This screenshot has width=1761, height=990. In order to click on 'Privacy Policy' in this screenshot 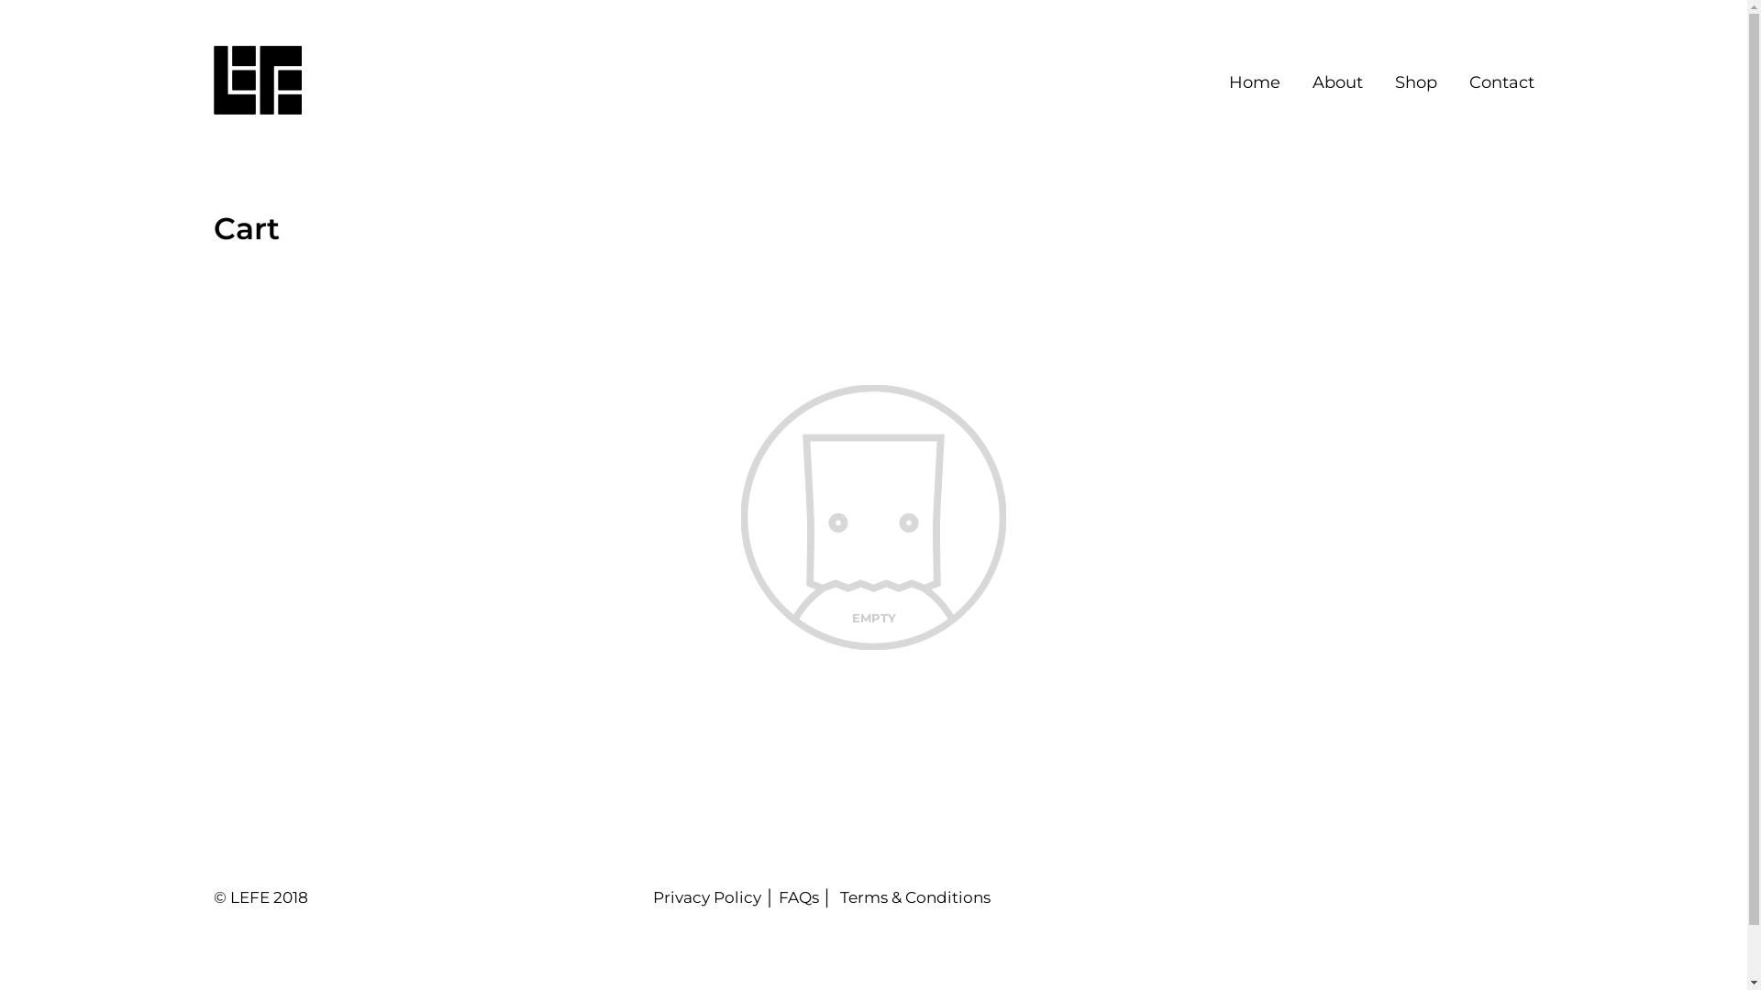, I will do `click(706, 896)`.